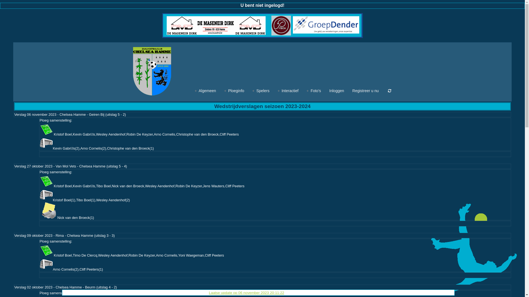  What do you see at coordinates (234, 90) in the screenshot?
I see `'Ploeginfo'` at bounding box center [234, 90].